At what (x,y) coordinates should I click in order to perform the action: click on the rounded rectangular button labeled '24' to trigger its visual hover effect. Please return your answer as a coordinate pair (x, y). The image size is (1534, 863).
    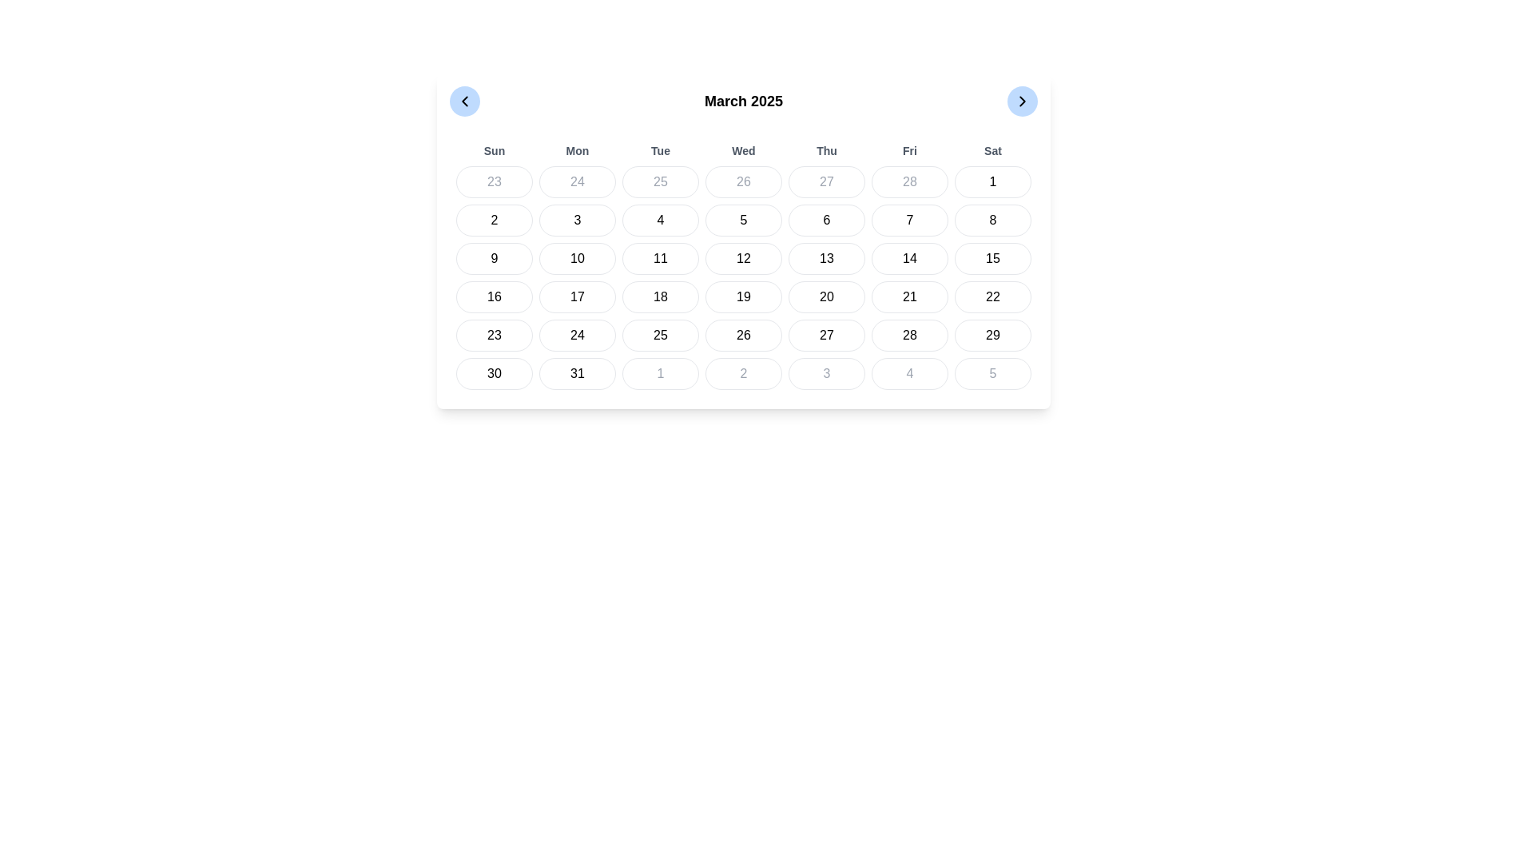
    Looking at the image, I should click on (577, 335).